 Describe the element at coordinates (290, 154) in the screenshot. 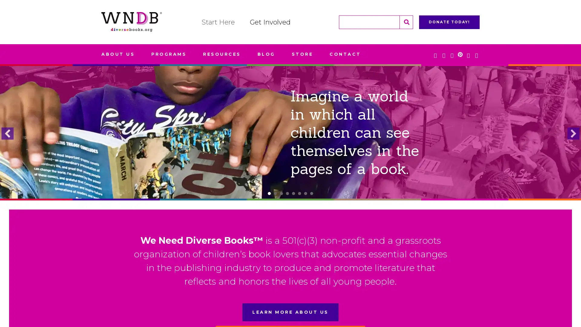

I see `LEARN MORE` at that location.